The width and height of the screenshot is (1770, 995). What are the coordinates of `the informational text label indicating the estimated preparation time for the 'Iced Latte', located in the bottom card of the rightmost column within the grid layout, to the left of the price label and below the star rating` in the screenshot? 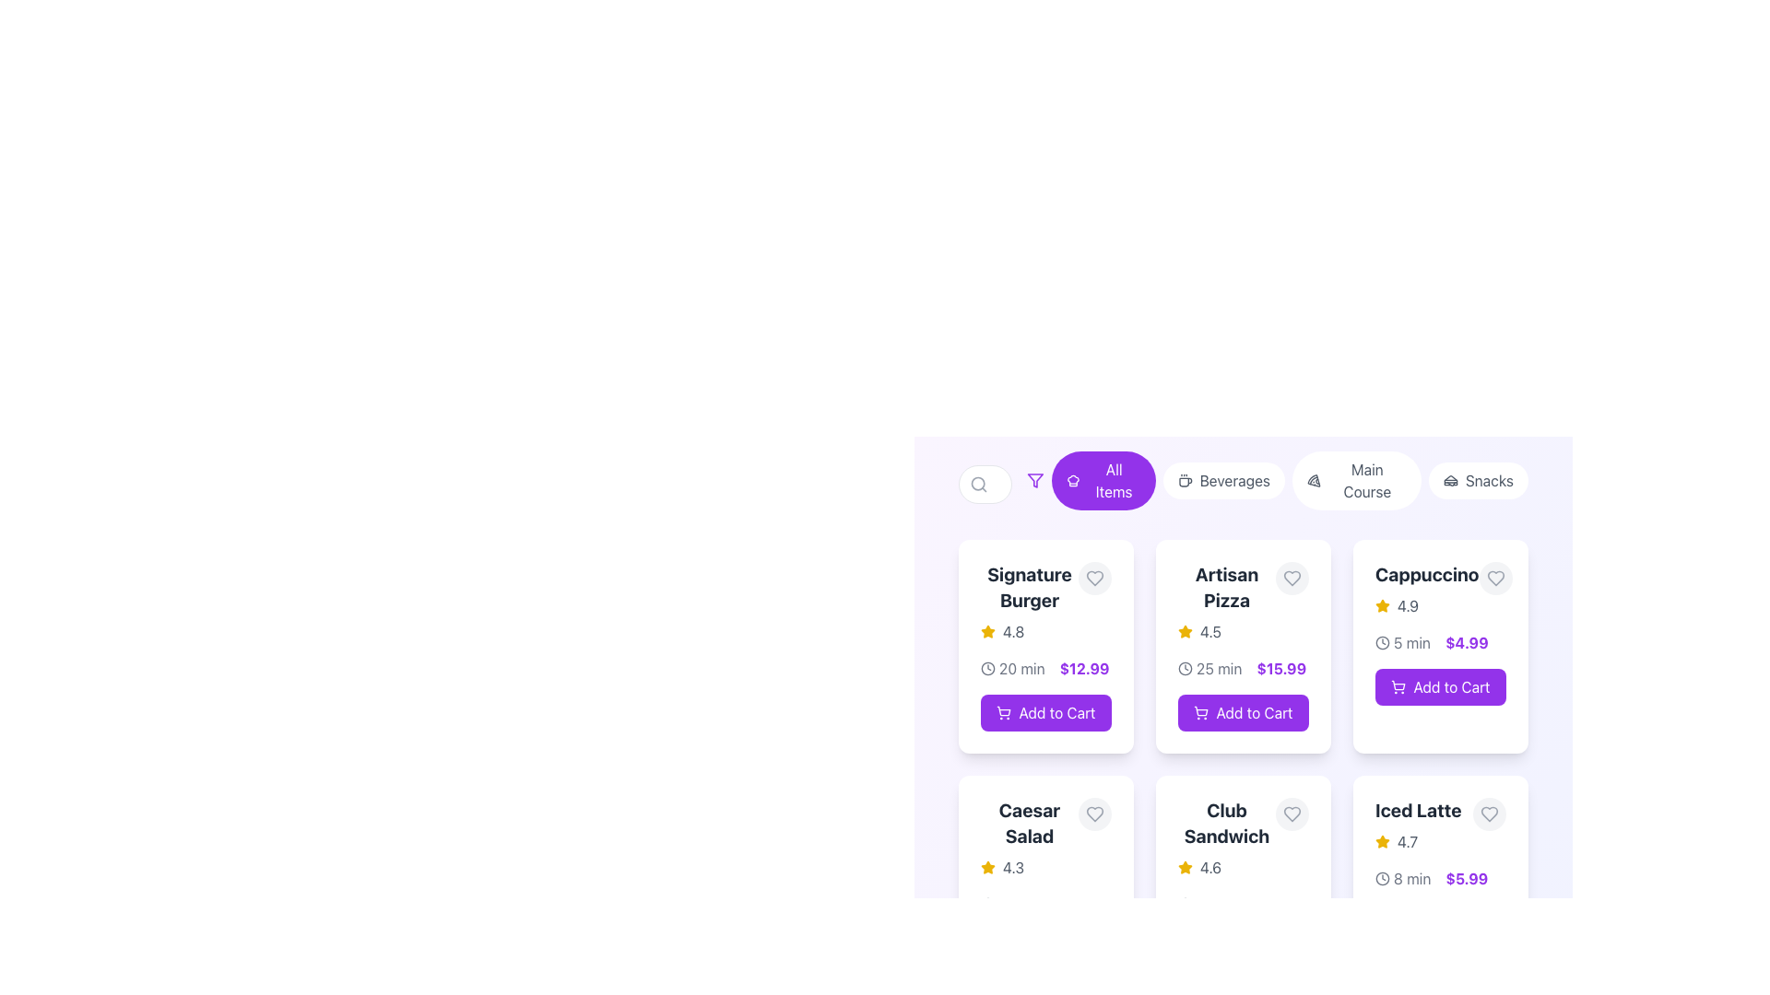 It's located at (1411, 877).